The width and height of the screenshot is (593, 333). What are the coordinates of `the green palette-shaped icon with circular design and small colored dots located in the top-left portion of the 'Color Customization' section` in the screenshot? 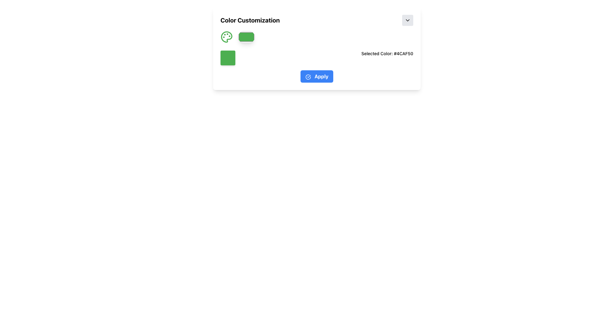 It's located at (226, 37).